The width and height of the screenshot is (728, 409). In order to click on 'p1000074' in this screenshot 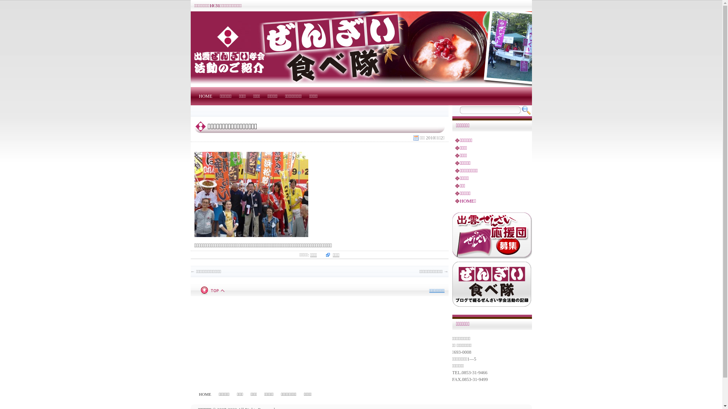, I will do `click(251, 194)`.